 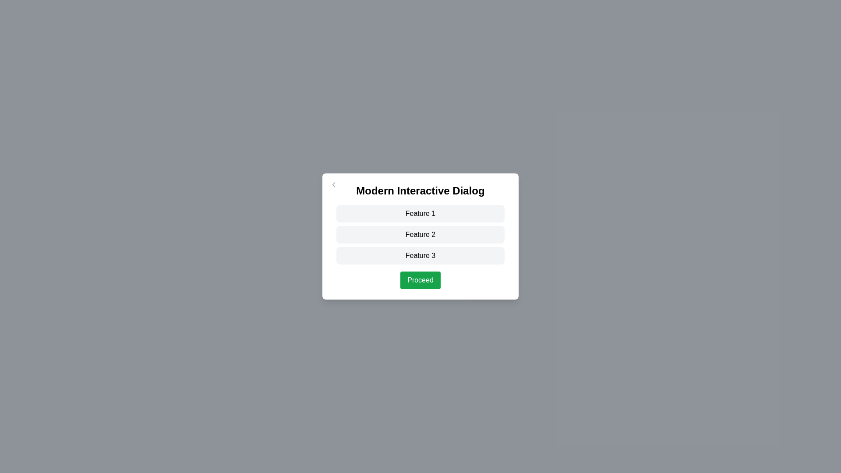 What do you see at coordinates (420, 190) in the screenshot?
I see `the title text 'Modern Interactive Dialog'` at bounding box center [420, 190].